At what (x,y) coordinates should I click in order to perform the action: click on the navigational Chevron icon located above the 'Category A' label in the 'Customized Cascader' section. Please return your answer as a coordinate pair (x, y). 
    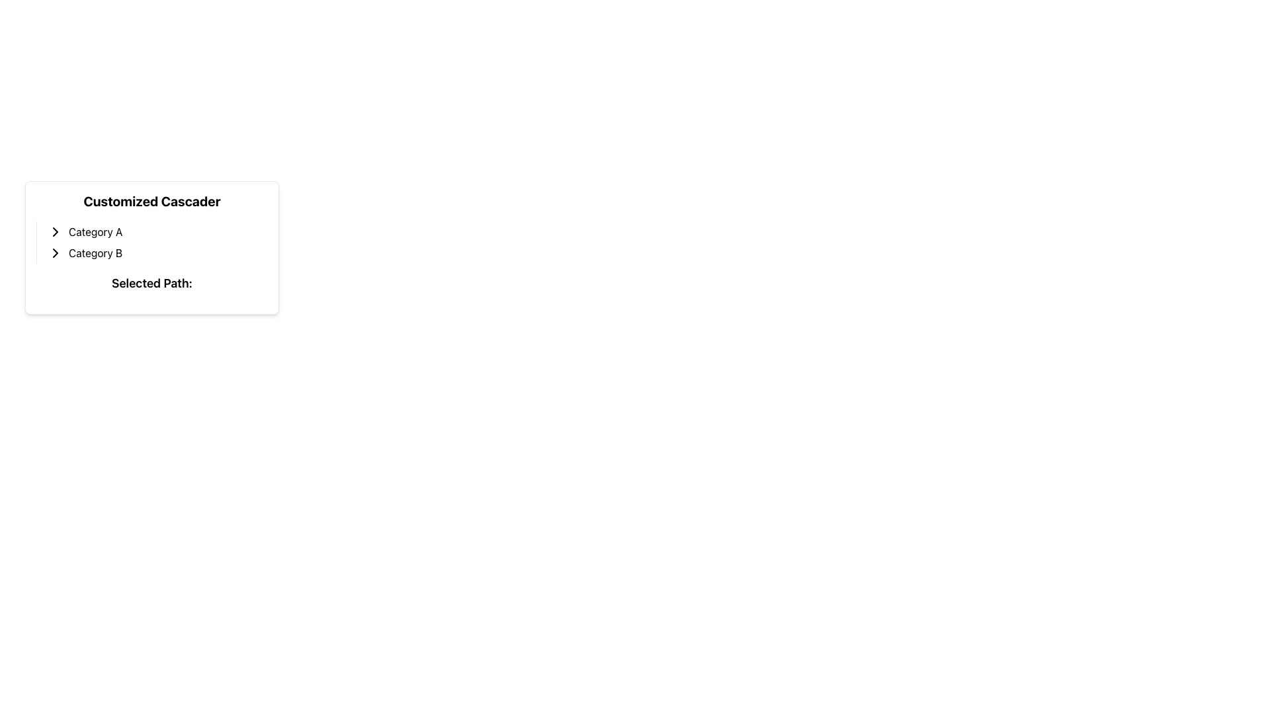
    Looking at the image, I should click on (54, 231).